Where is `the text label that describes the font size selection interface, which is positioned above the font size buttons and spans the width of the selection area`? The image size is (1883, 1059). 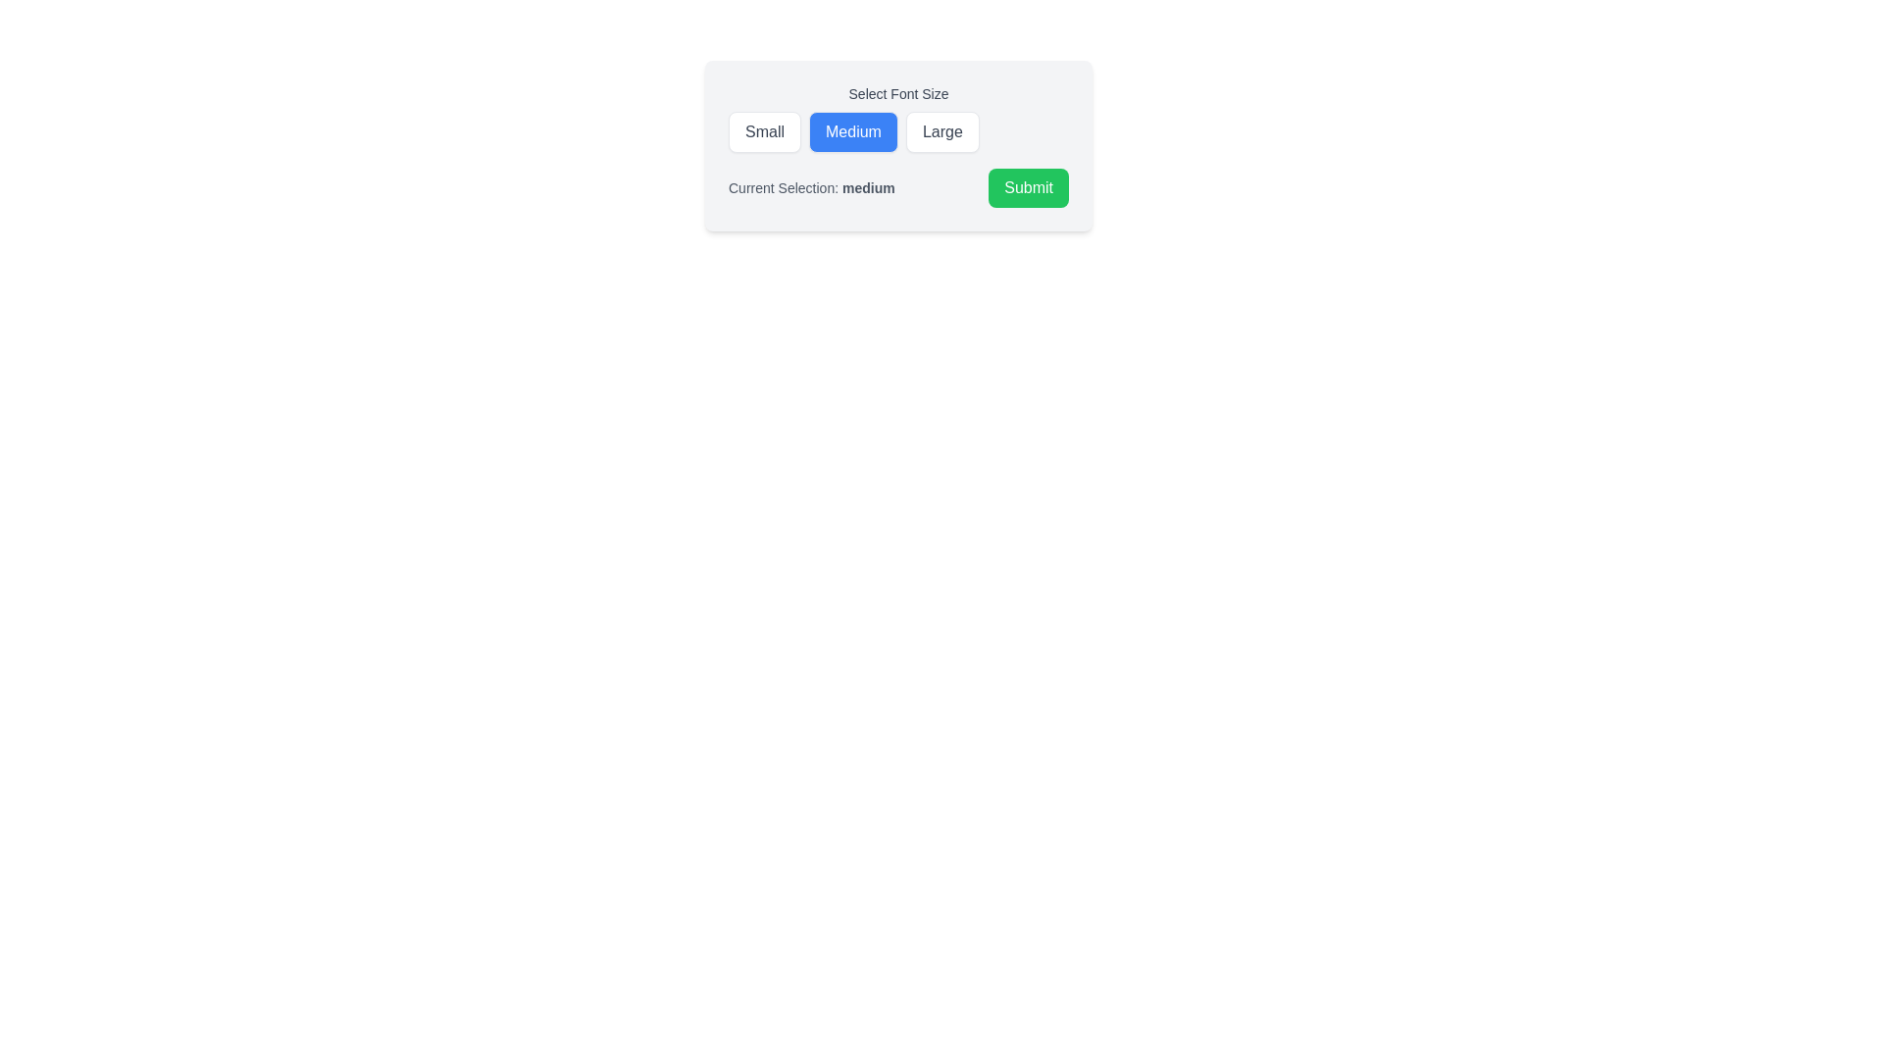 the text label that describes the font size selection interface, which is positioned above the font size buttons and spans the width of the selection area is located at coordinates (897, 94).